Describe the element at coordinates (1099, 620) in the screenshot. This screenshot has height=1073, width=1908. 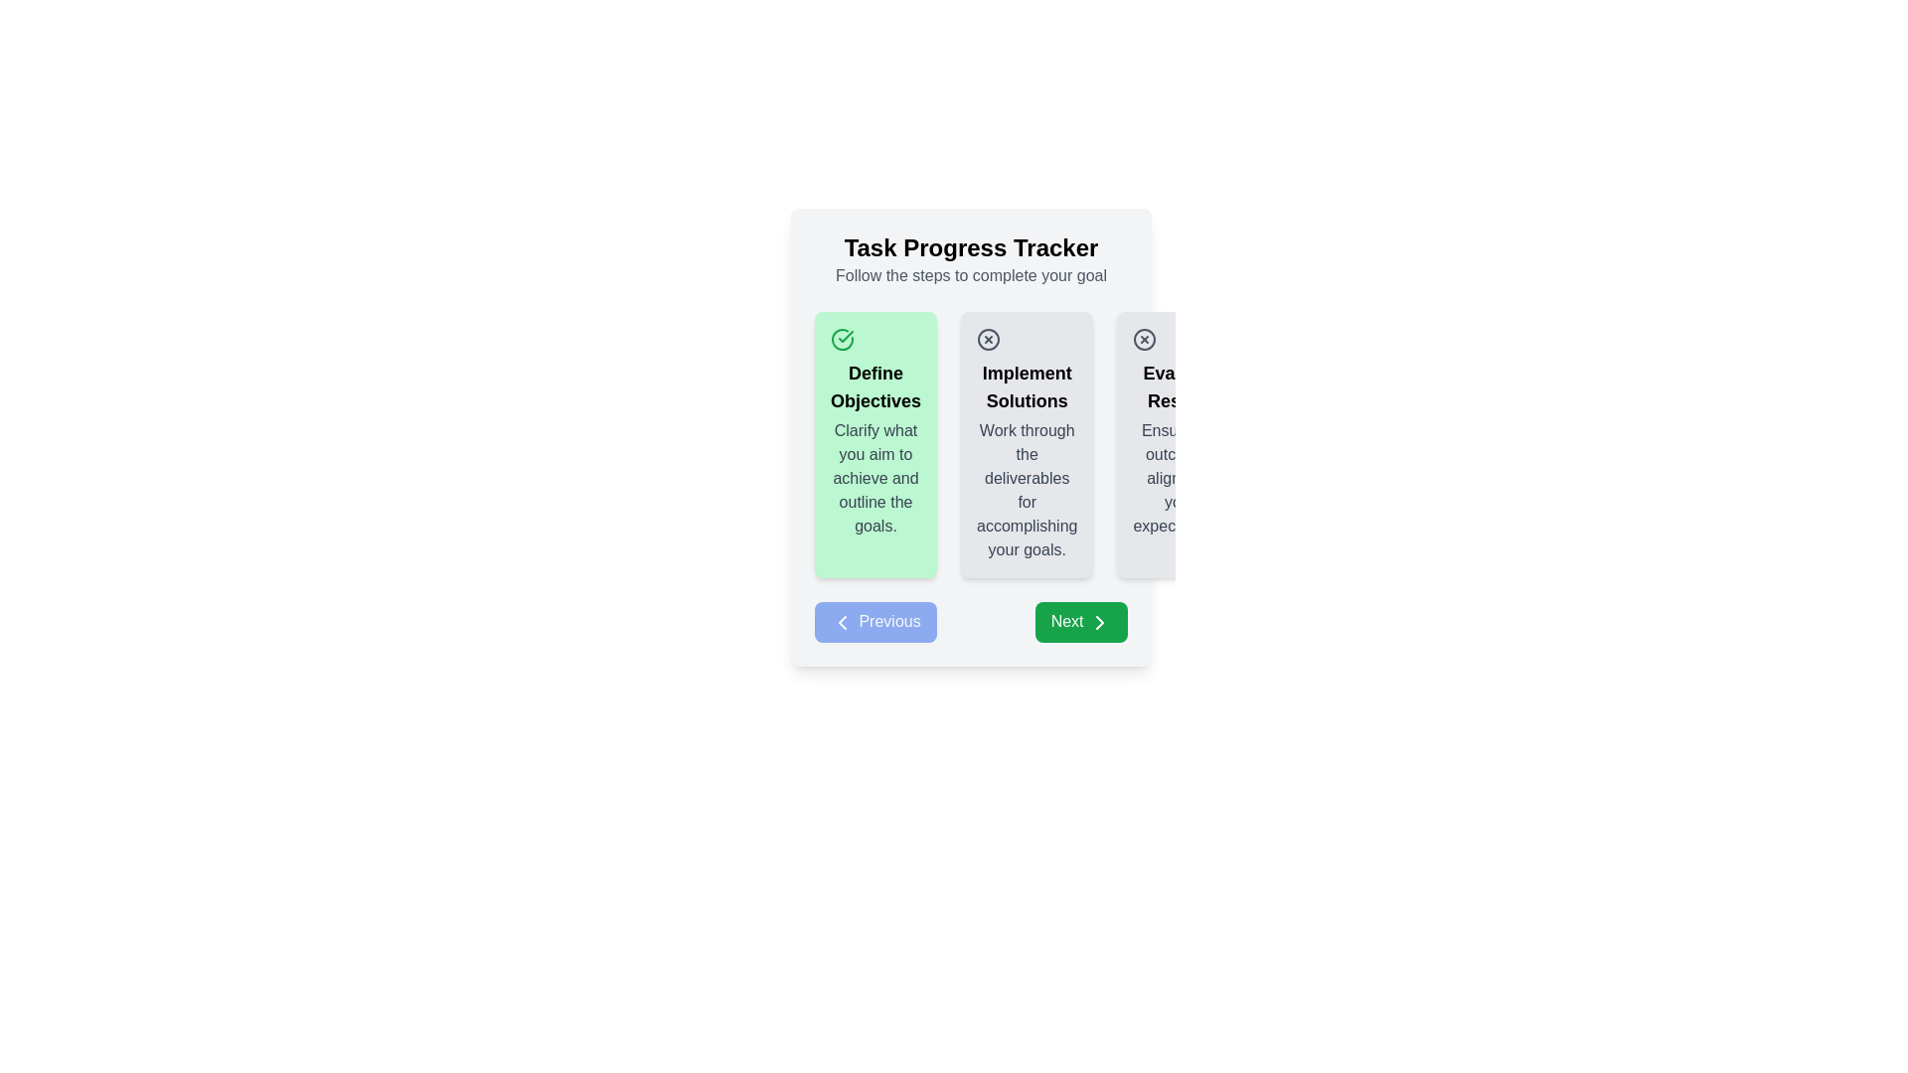
I see `the 'Next' button which contains a right-pointing chevron icon with a white stroke on a green background located at the bottom right corner of the interface` at that location.